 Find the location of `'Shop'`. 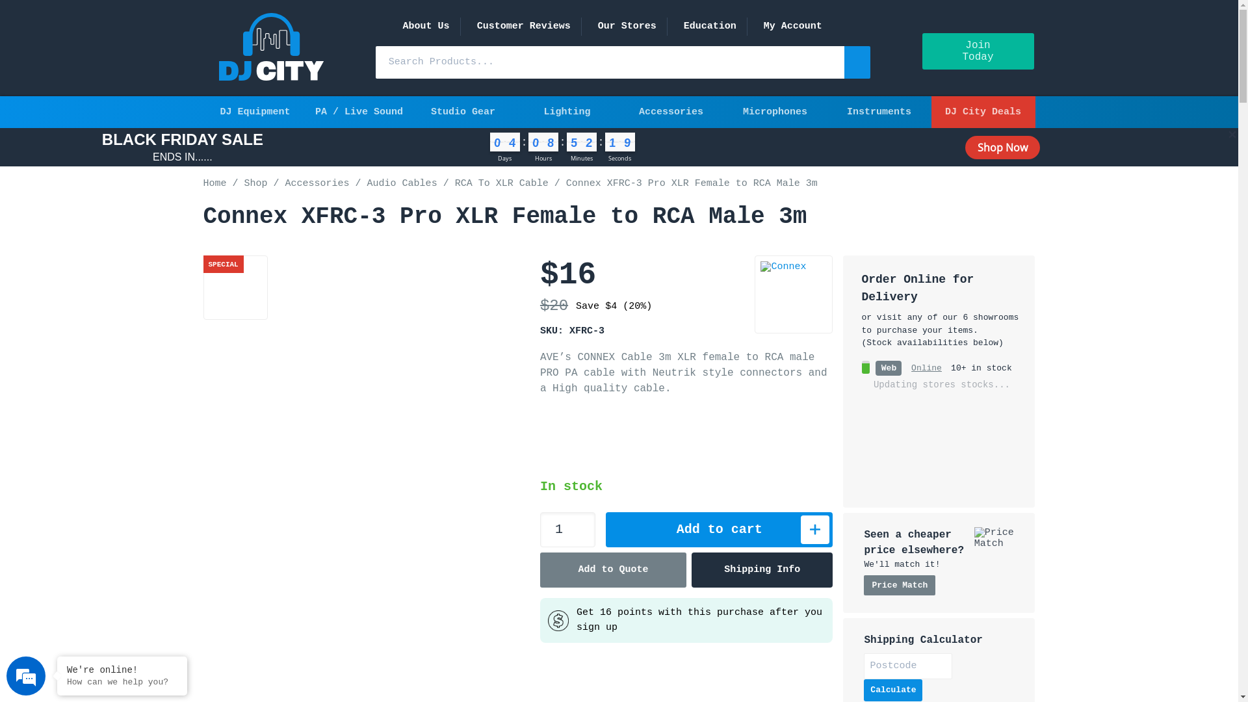

'Shop' is located at coordinates (255, 183).